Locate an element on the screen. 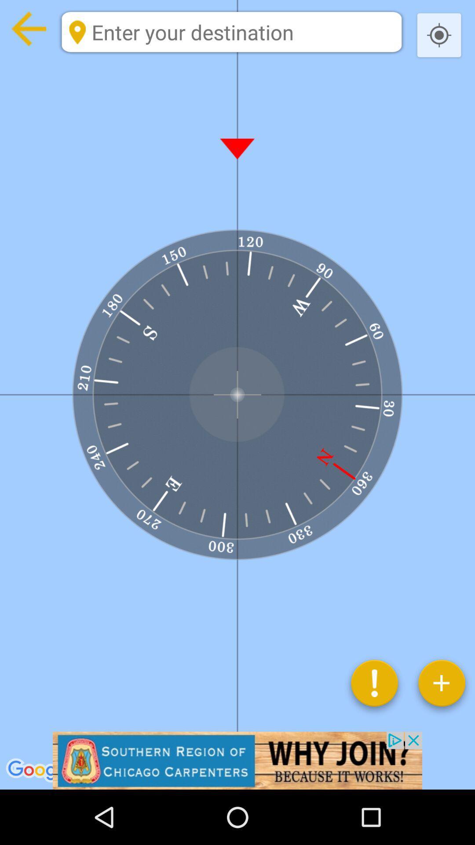  the warning icon is located at coordinates (374, 686).